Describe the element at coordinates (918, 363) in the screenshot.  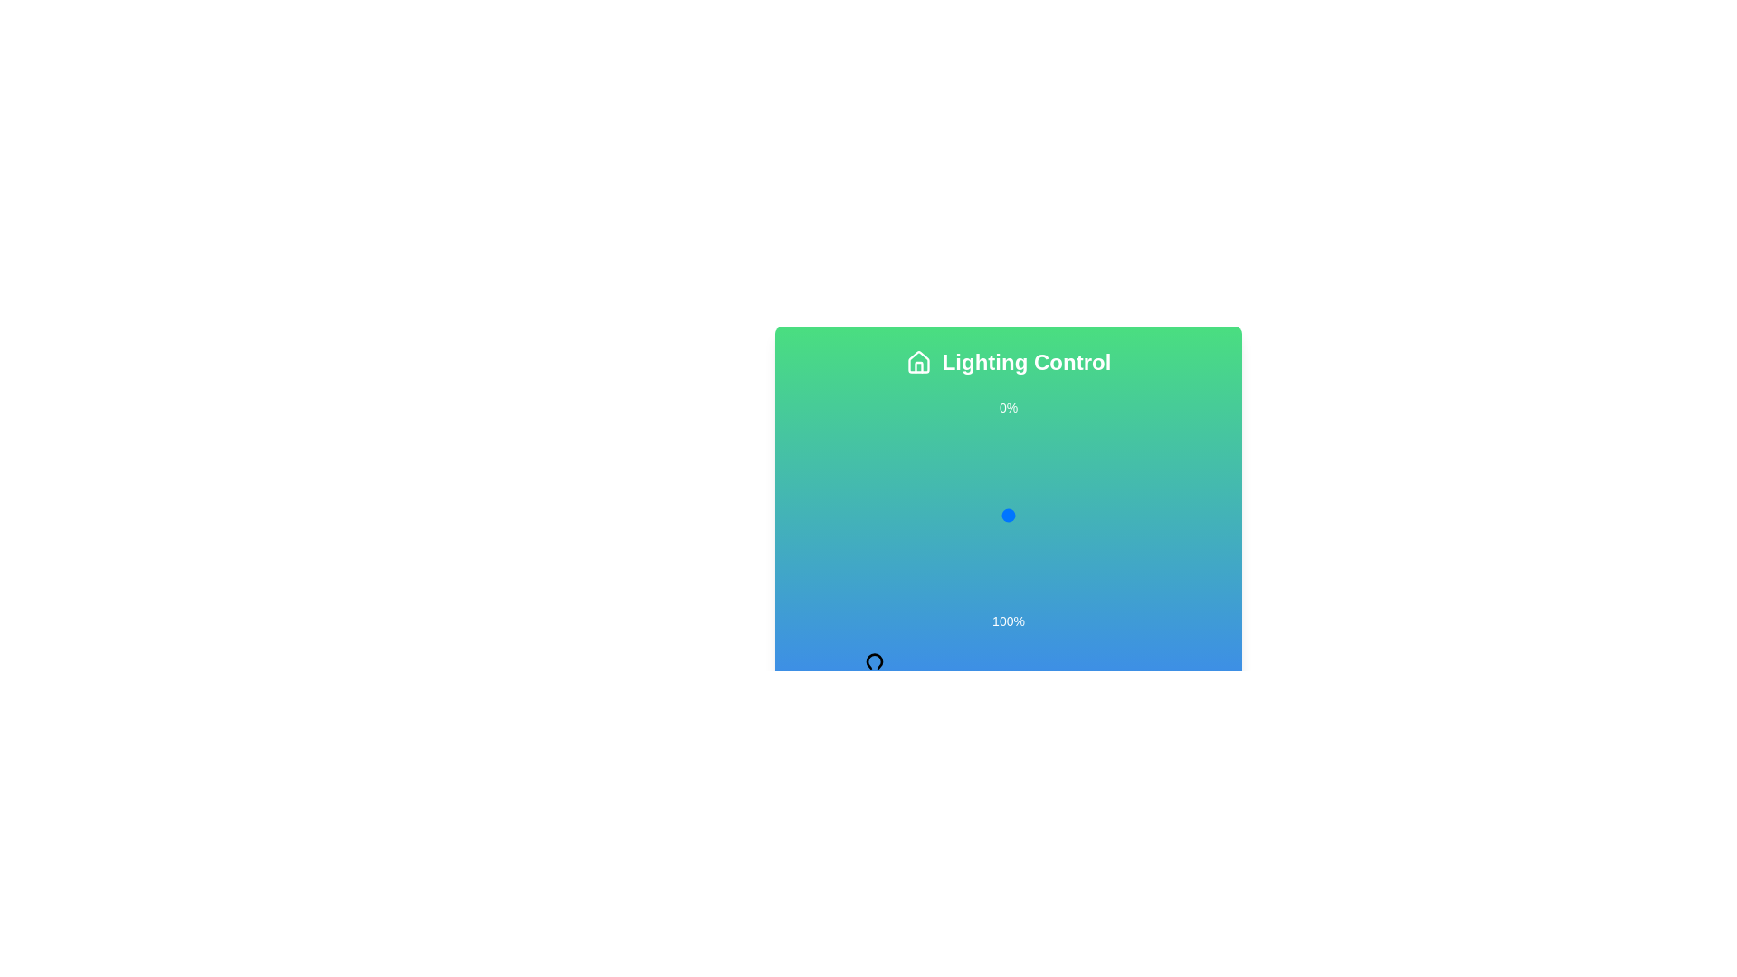
I see `the small white house-shaped icon with a prominent outline and a chimney, which is located to the left of the 'Lighting Control' text in a green background` at that location.